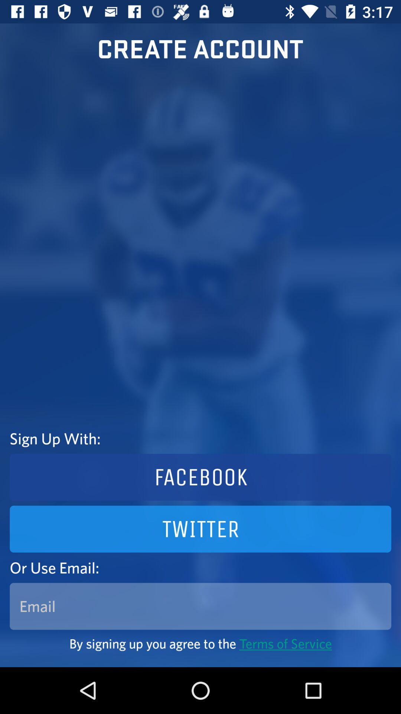  I want to click on the icon below the facebook, so click(200, 528).